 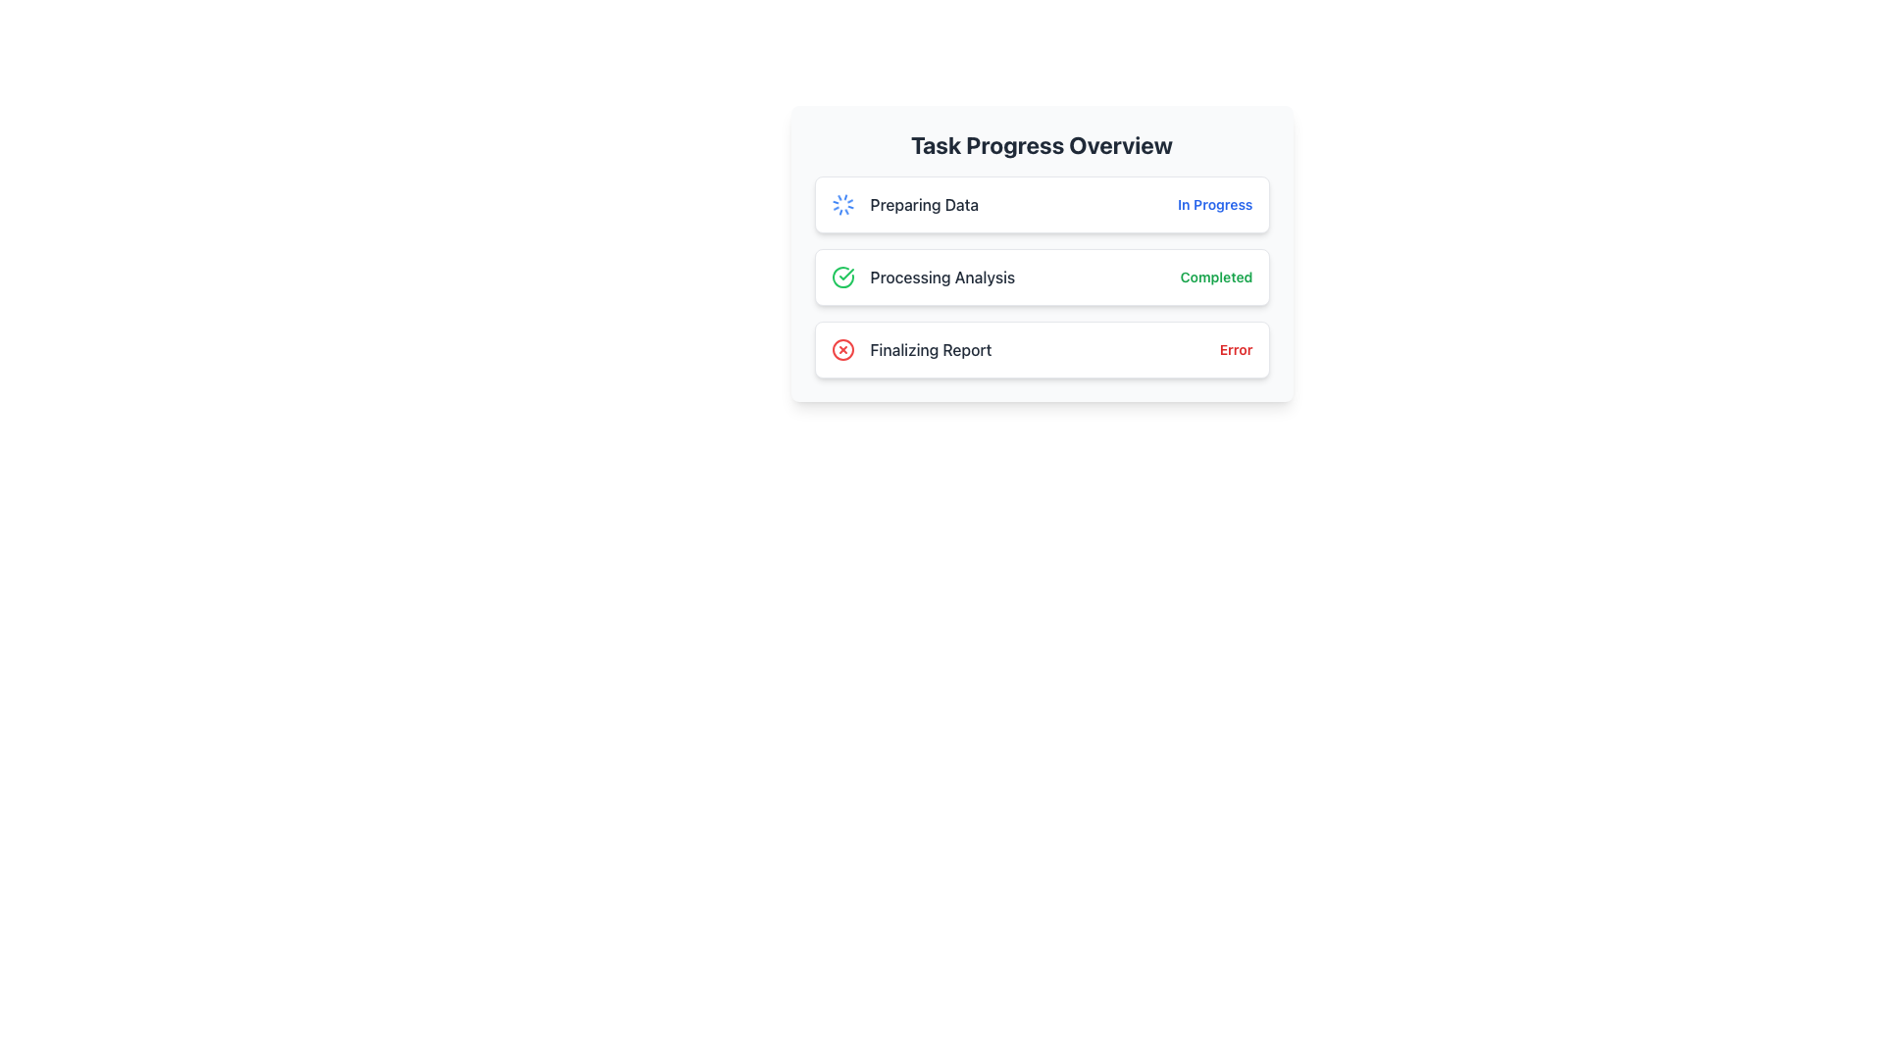 What do you see at coordinates (930, 349) in the screenshot?
I see `the Static Text element that describes the third task in the 'Task Progress Overview' list, positioned between an error status icon and an error status label` at bounding box center [930, 349].